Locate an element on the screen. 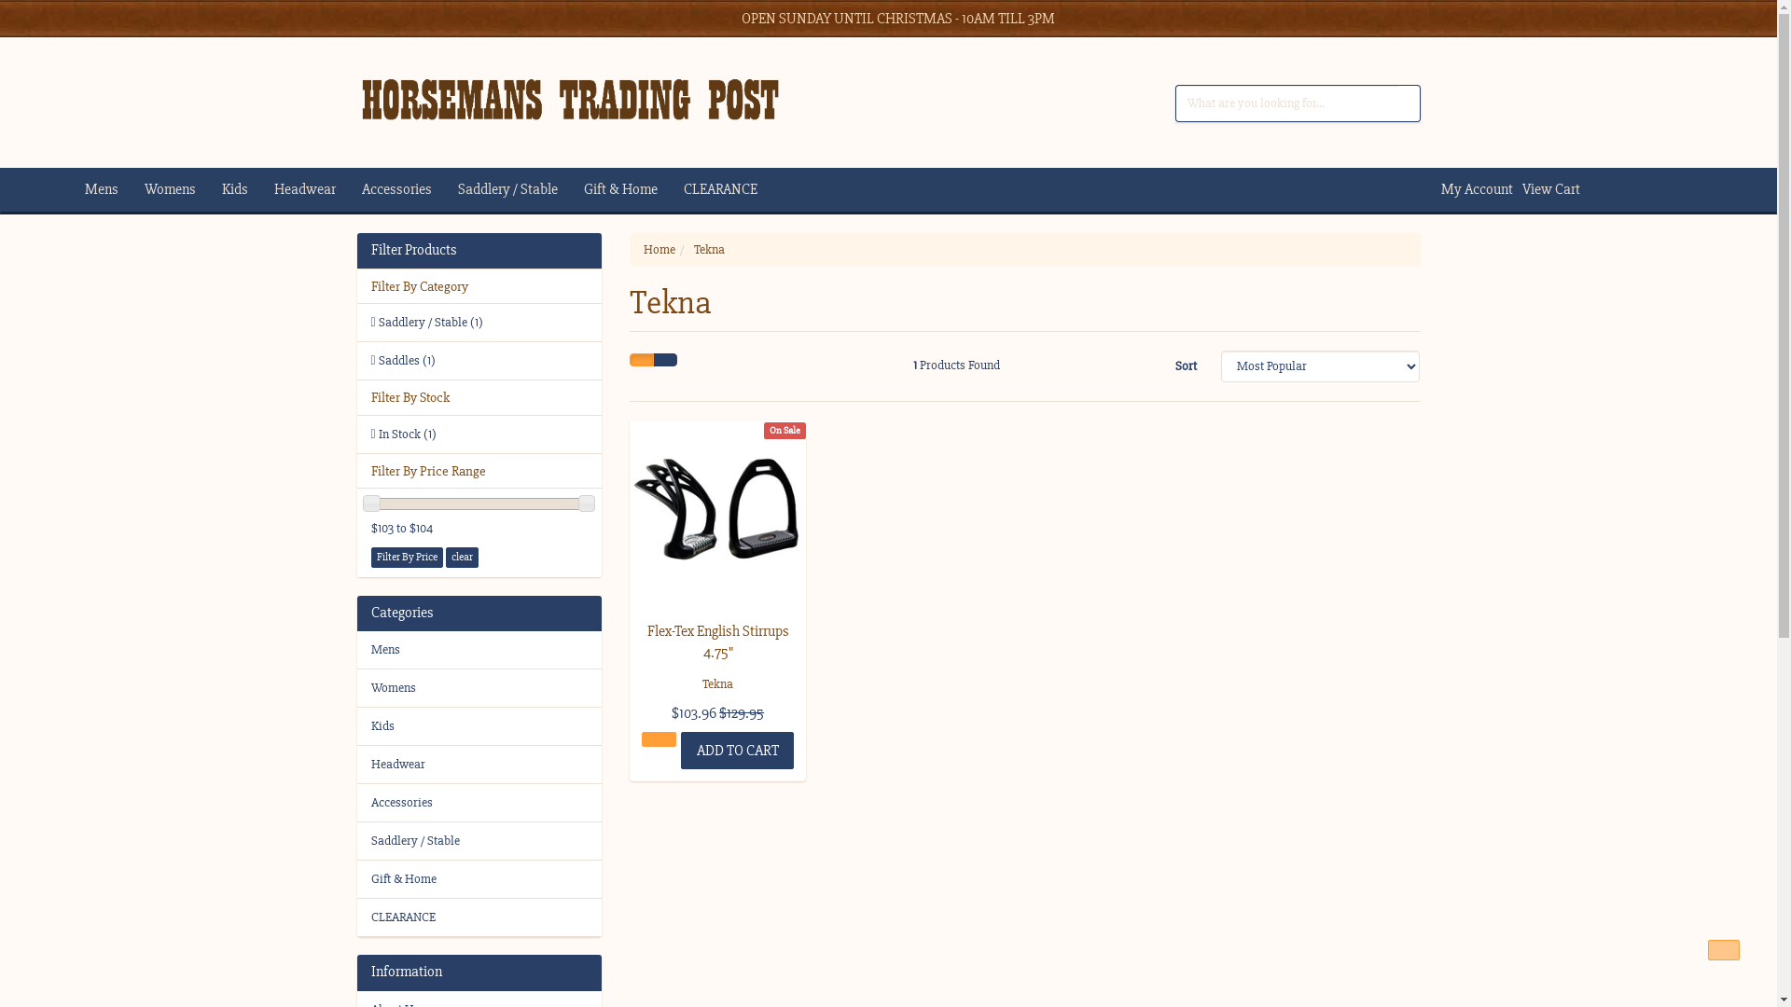  'Flex-Tex English Stirrups 4.75"' is located at coordinates (716, 640).